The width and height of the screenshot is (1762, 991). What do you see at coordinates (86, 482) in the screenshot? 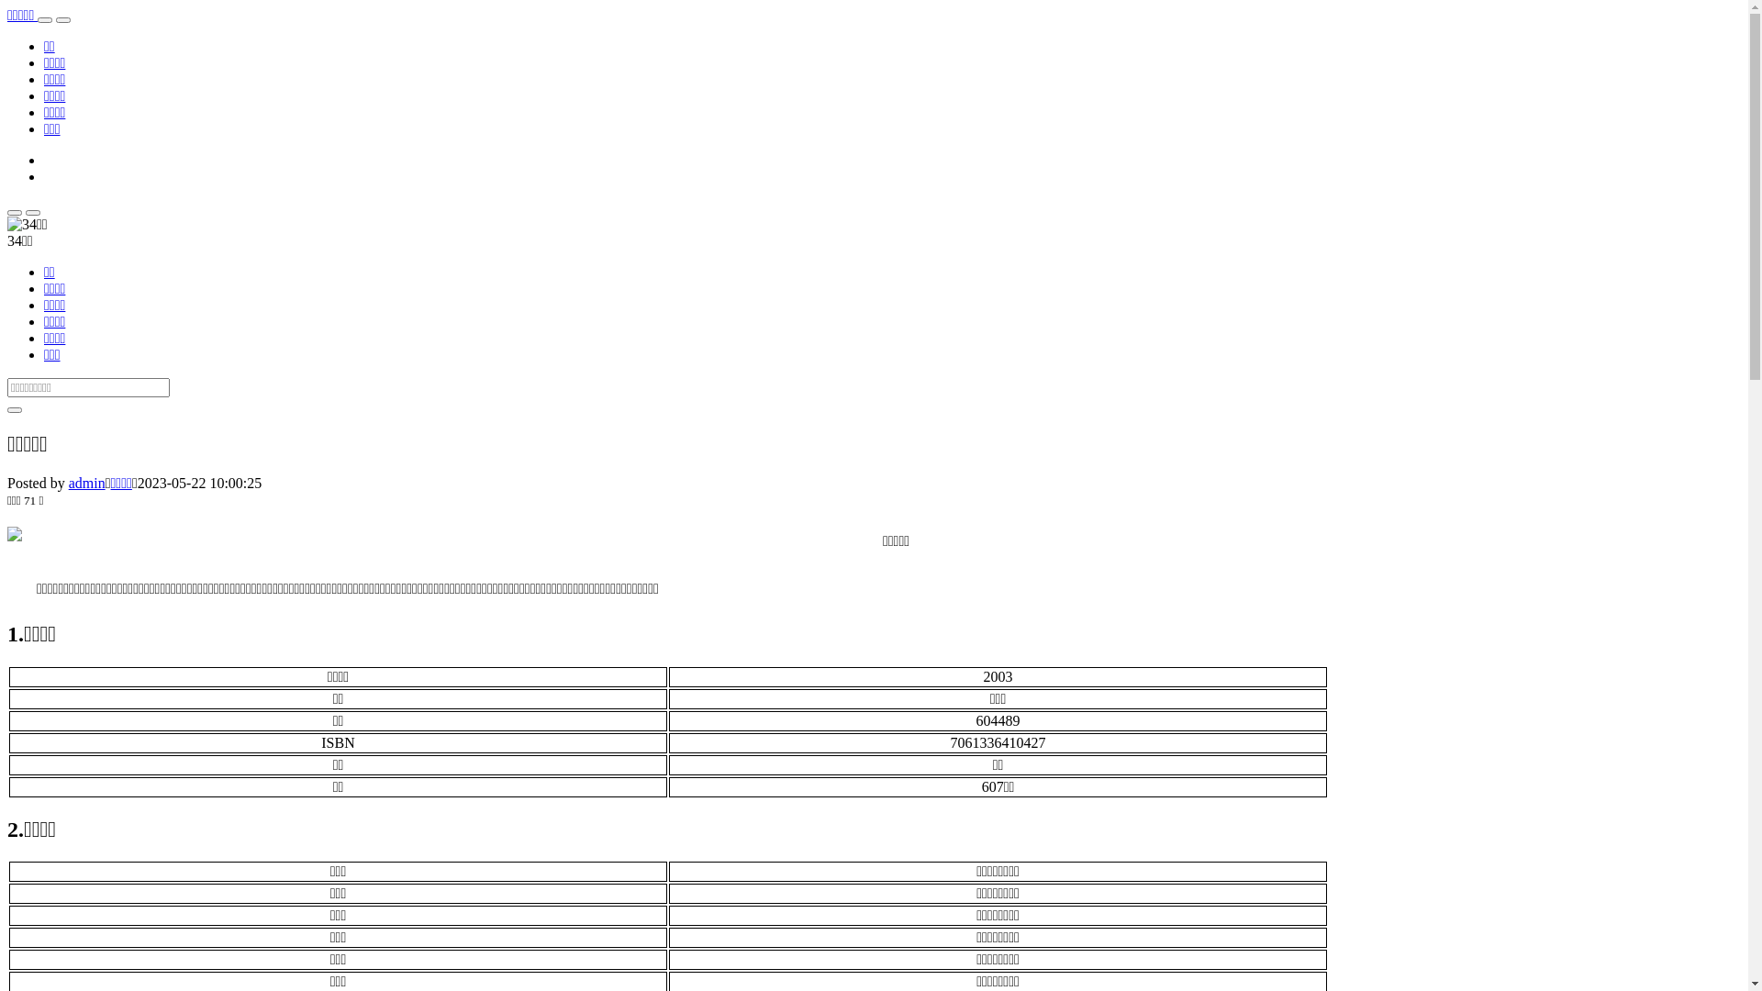
I see `'admin'` at bounding box center [86, 482].